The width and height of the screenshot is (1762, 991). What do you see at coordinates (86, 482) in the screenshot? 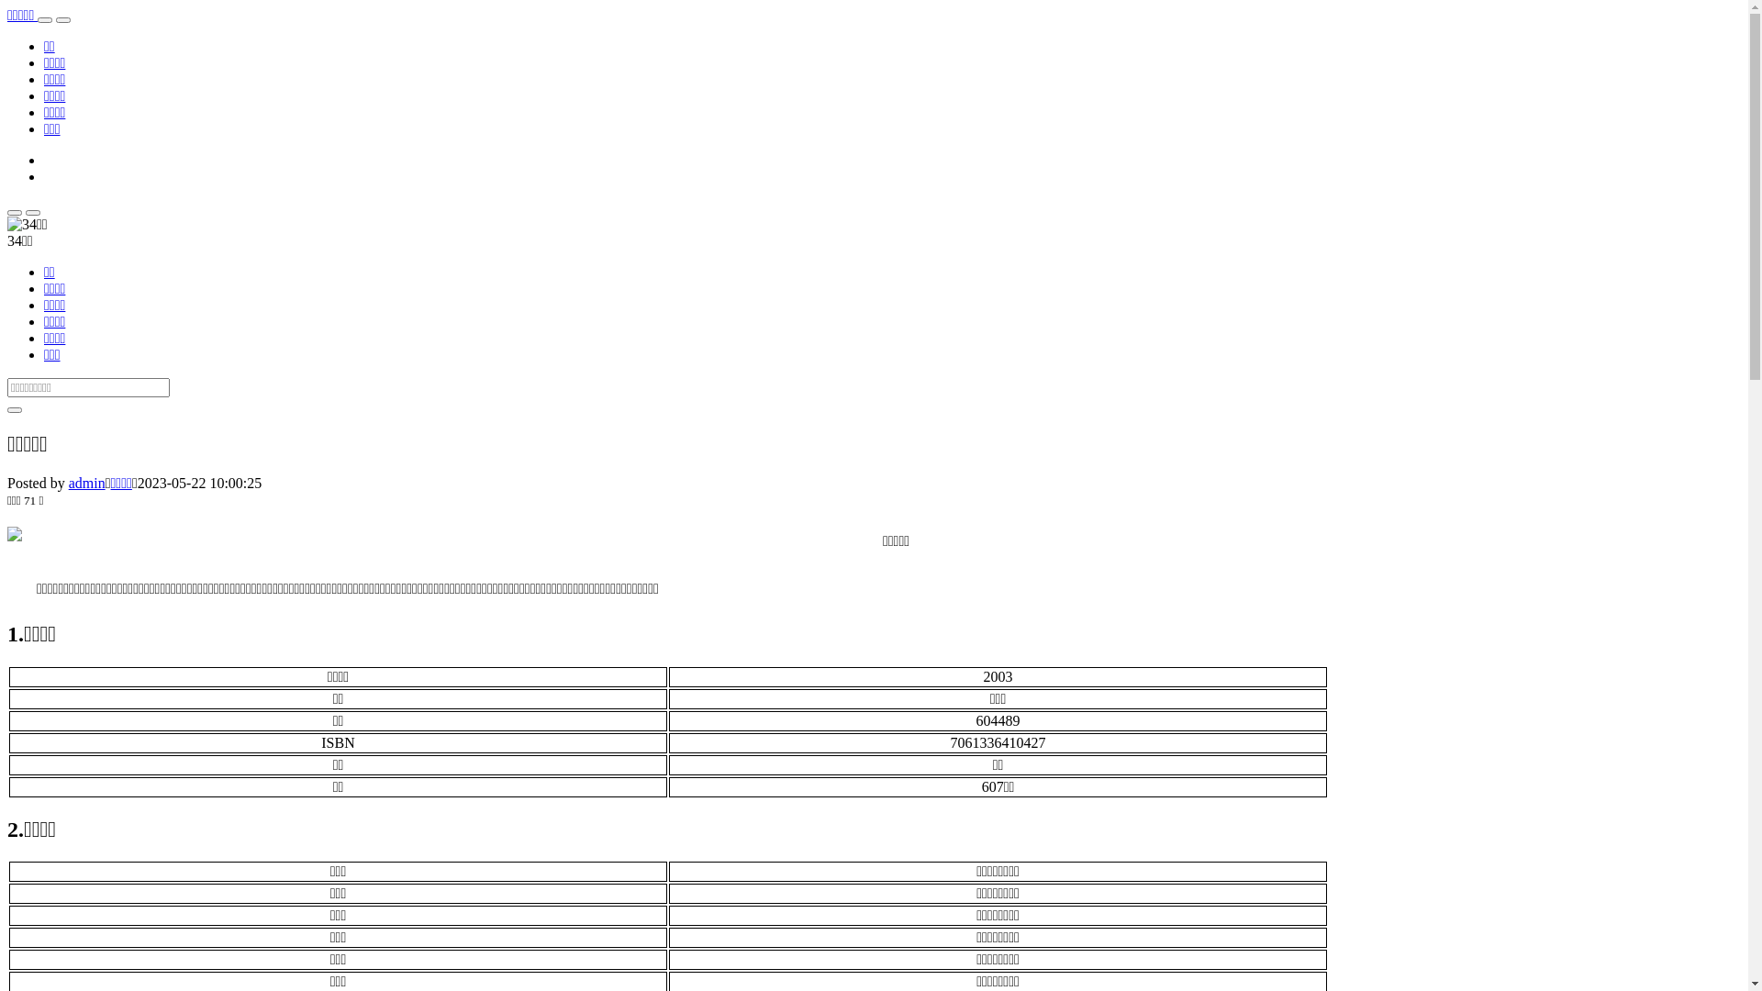
I see `'admin'` at bounding box center [86, 482].